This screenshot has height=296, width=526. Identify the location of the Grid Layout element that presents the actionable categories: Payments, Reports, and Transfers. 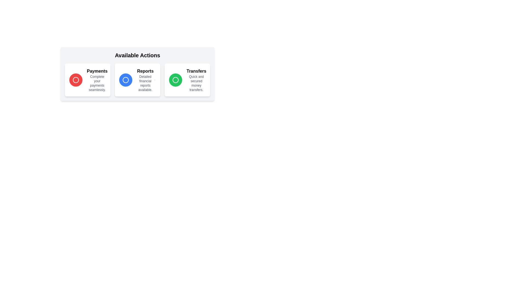
(138, 80).